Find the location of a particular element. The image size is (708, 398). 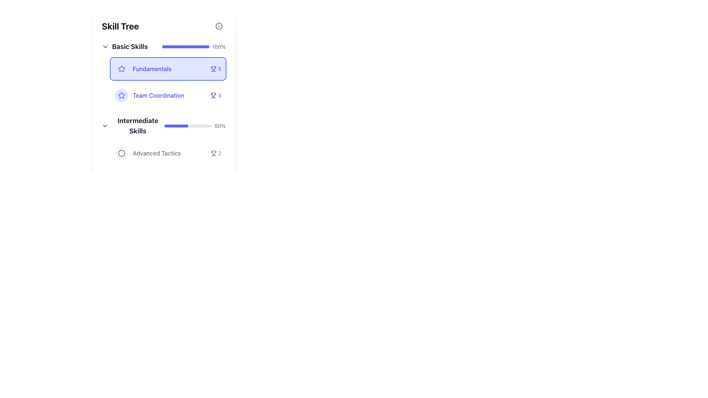

the card-style informational component displaying achievements or progress metrics for the skills labeled 'Fundamentals' and 'Team Coordination' within the 'Skill Tree' interface under the 'Basic Skills' category is located at coordinates (168, 82).